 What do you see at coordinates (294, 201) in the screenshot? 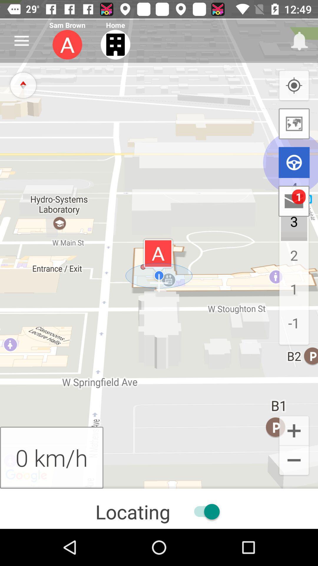
I see `the email icon` at bounding box center [294, 201].